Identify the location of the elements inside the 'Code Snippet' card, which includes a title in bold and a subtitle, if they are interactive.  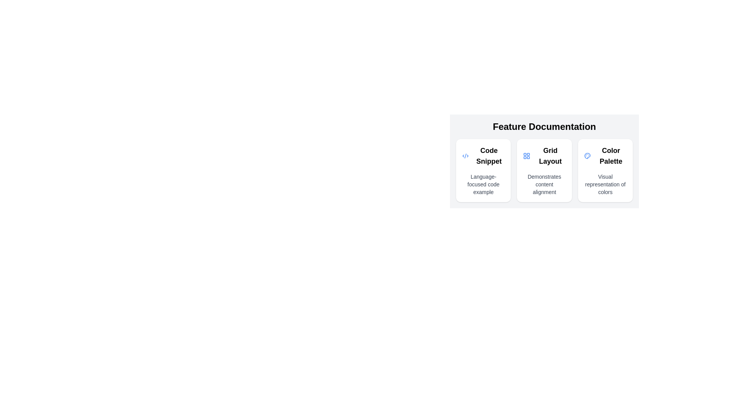
(483, 170).